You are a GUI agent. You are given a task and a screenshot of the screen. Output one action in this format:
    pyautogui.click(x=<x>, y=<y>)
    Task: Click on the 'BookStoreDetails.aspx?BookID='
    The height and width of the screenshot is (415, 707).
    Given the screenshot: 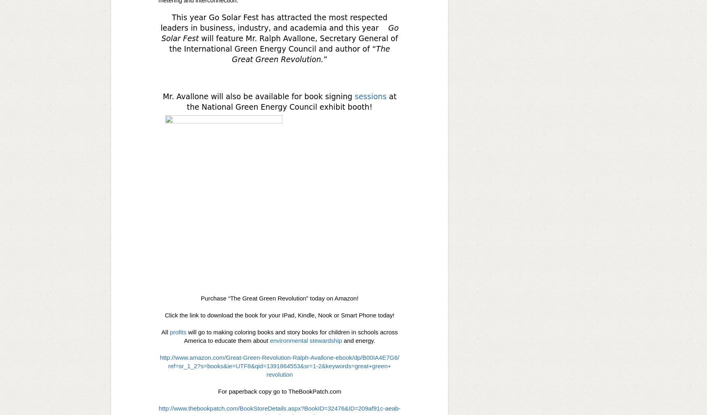 What is the action you would take?
    pyautogui.click(x=283, y=407)
    